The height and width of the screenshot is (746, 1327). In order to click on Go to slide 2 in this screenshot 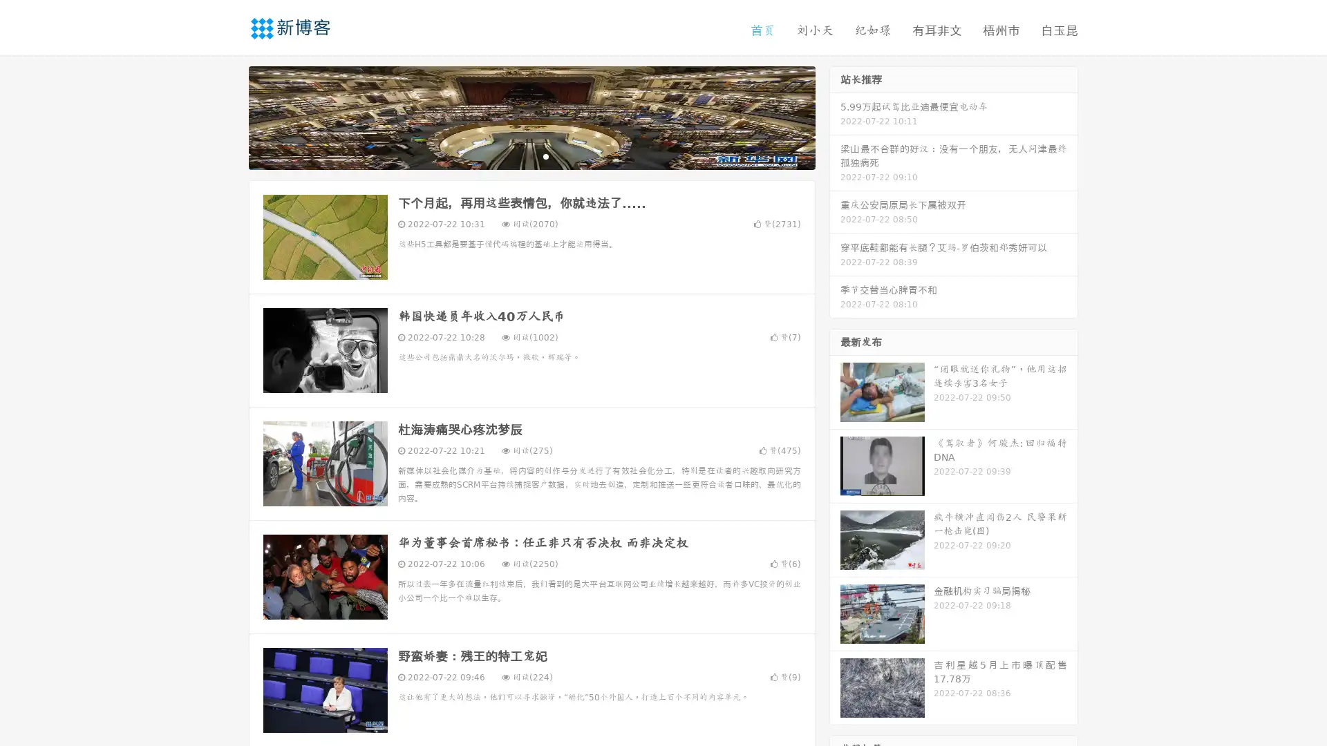, I will do `click(531, 155)`.